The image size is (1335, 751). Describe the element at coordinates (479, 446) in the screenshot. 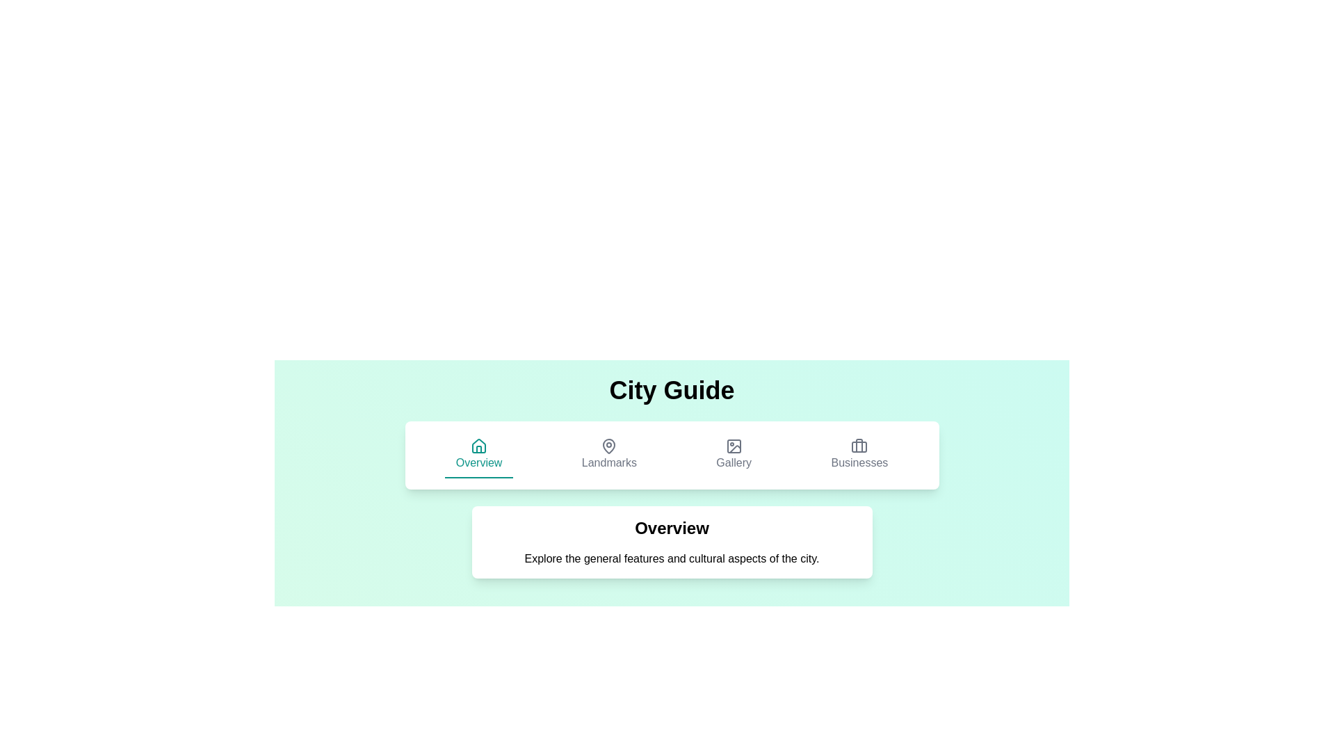

I see `the 'Overview' SVG Icon in the navigation bar` at that location.